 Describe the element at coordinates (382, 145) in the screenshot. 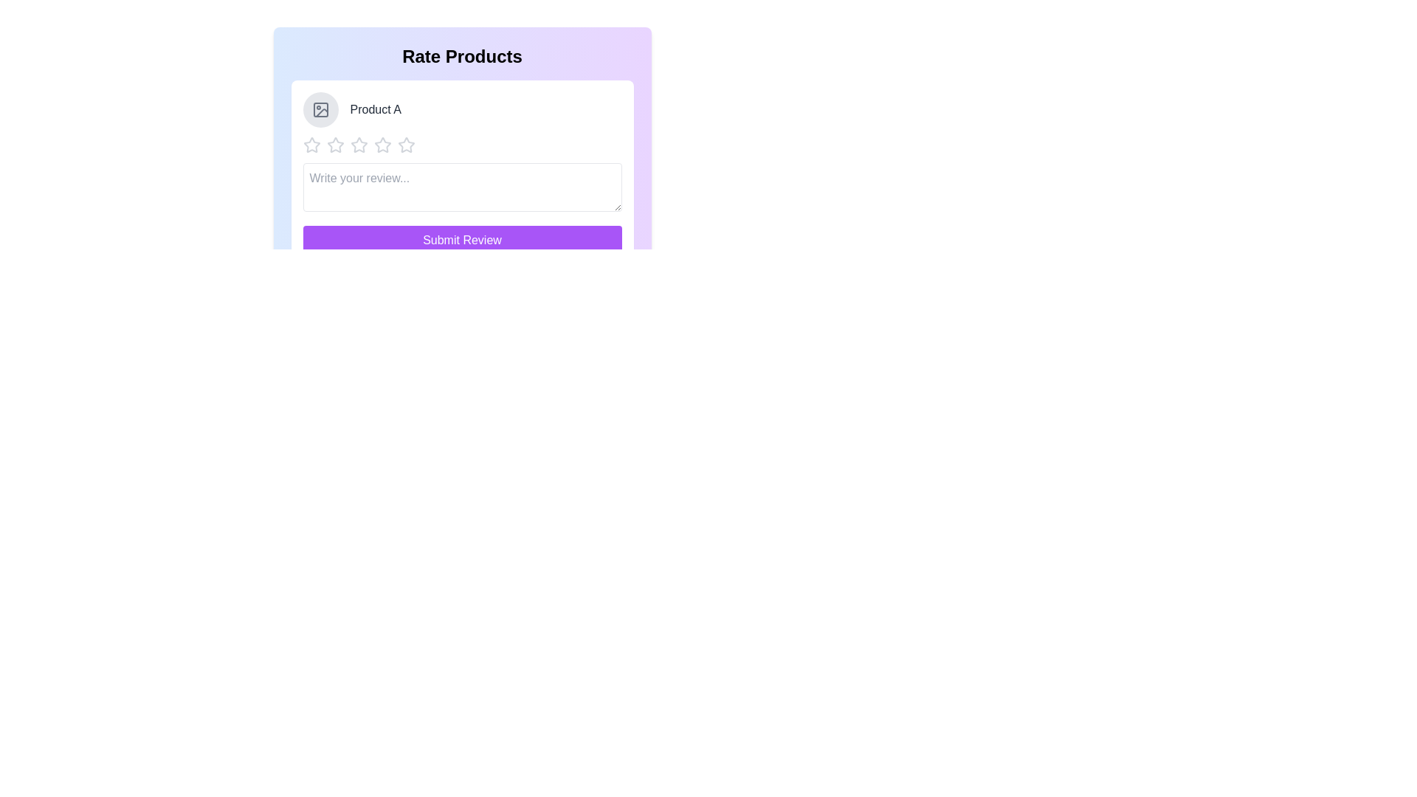

I see `the star corresponding to the desired rating 4` at that location.